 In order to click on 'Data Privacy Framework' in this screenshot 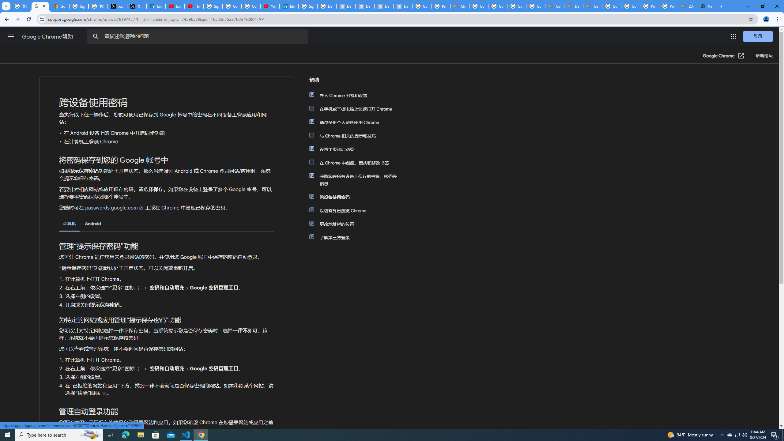, I will do `click(383, 6)`.